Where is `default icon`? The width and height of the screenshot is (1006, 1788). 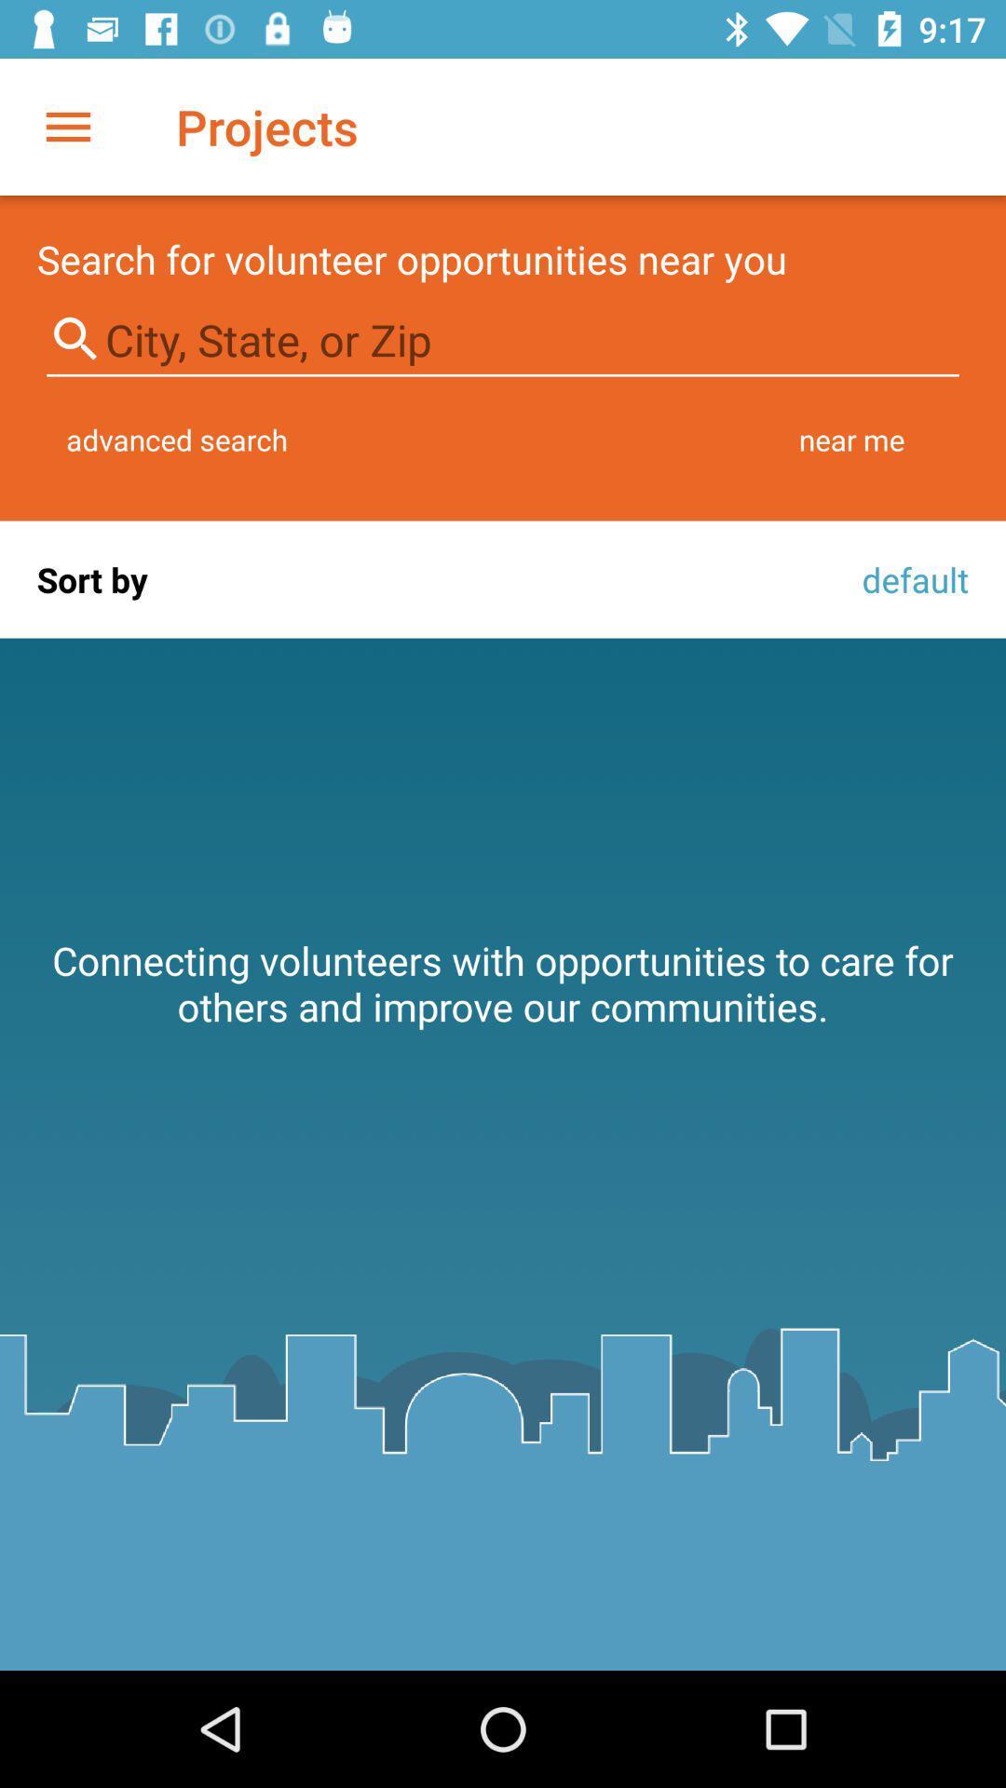 default icon is located at coordinates (909, 578).